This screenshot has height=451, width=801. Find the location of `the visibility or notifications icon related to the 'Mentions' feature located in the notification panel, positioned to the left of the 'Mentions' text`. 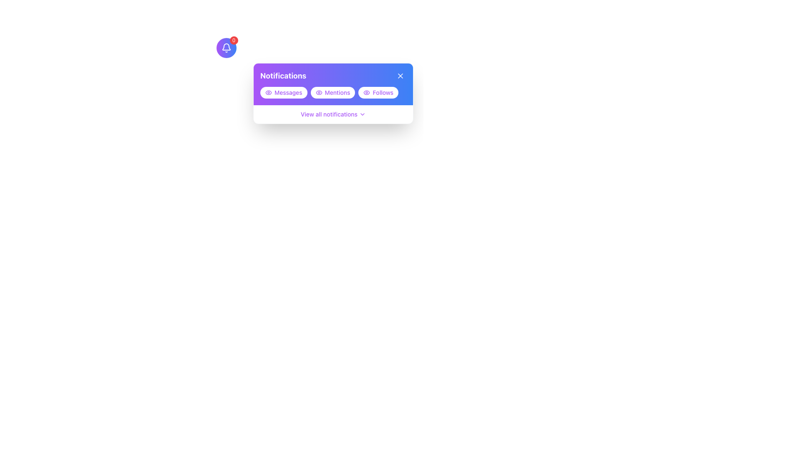

the visibility or notifications icon related to the 'Mentions' feature located in the notification panel, positioned to the left of the 'Mentions' text is located at coordinates (318, 93).